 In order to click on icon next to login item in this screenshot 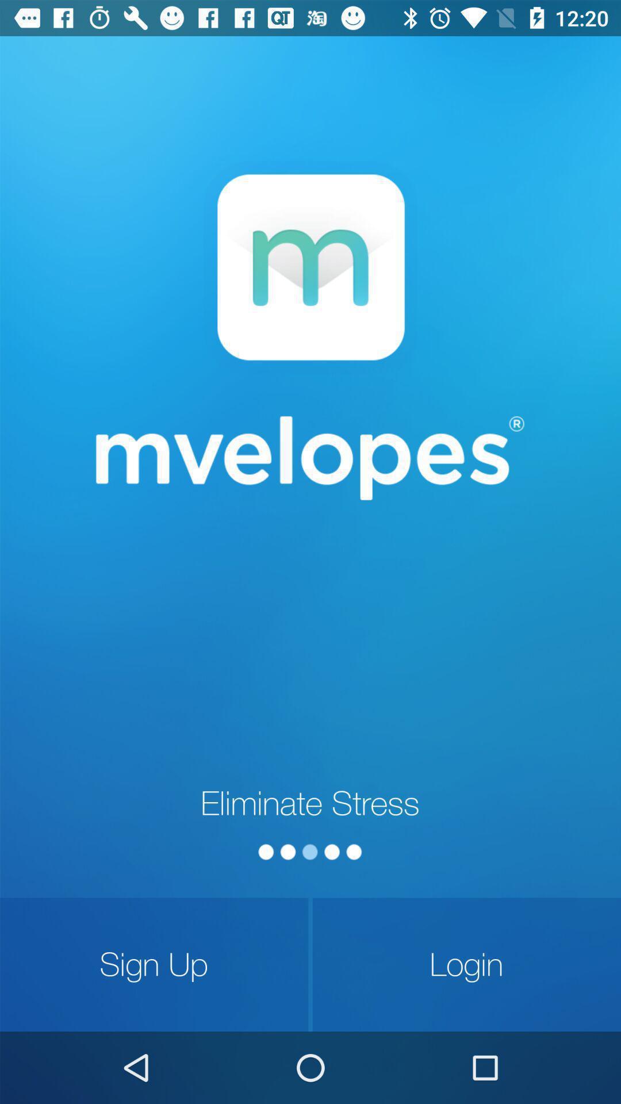, I will do `click(154, 964)`.